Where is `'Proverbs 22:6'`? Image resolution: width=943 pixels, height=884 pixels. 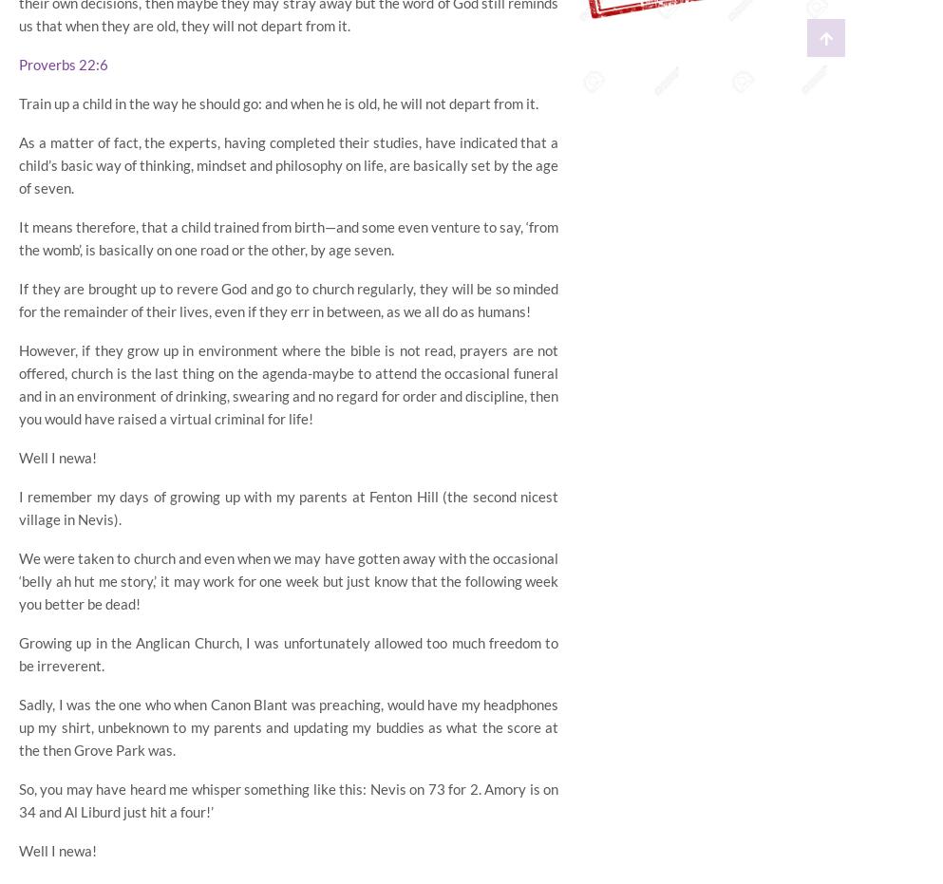
'Proverbs 22:6' is located at coordinates (64, 63).